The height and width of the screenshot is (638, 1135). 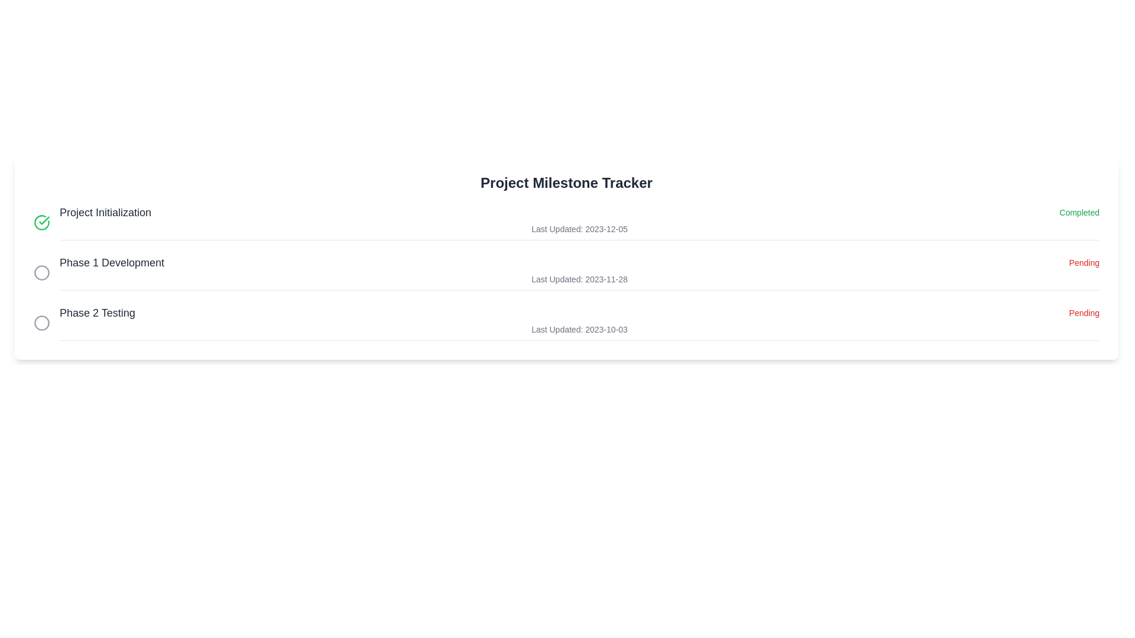 What do you see at coordinates (579, 330) in the screenshot?
I see `the informational text label that communicates the last update date, located below the 'Phase 2 Testing' title and beneath the 'Pending' item` at bounding box center [579, 330].